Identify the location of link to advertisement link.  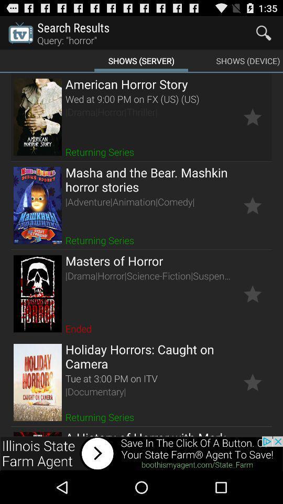
(141, 453).